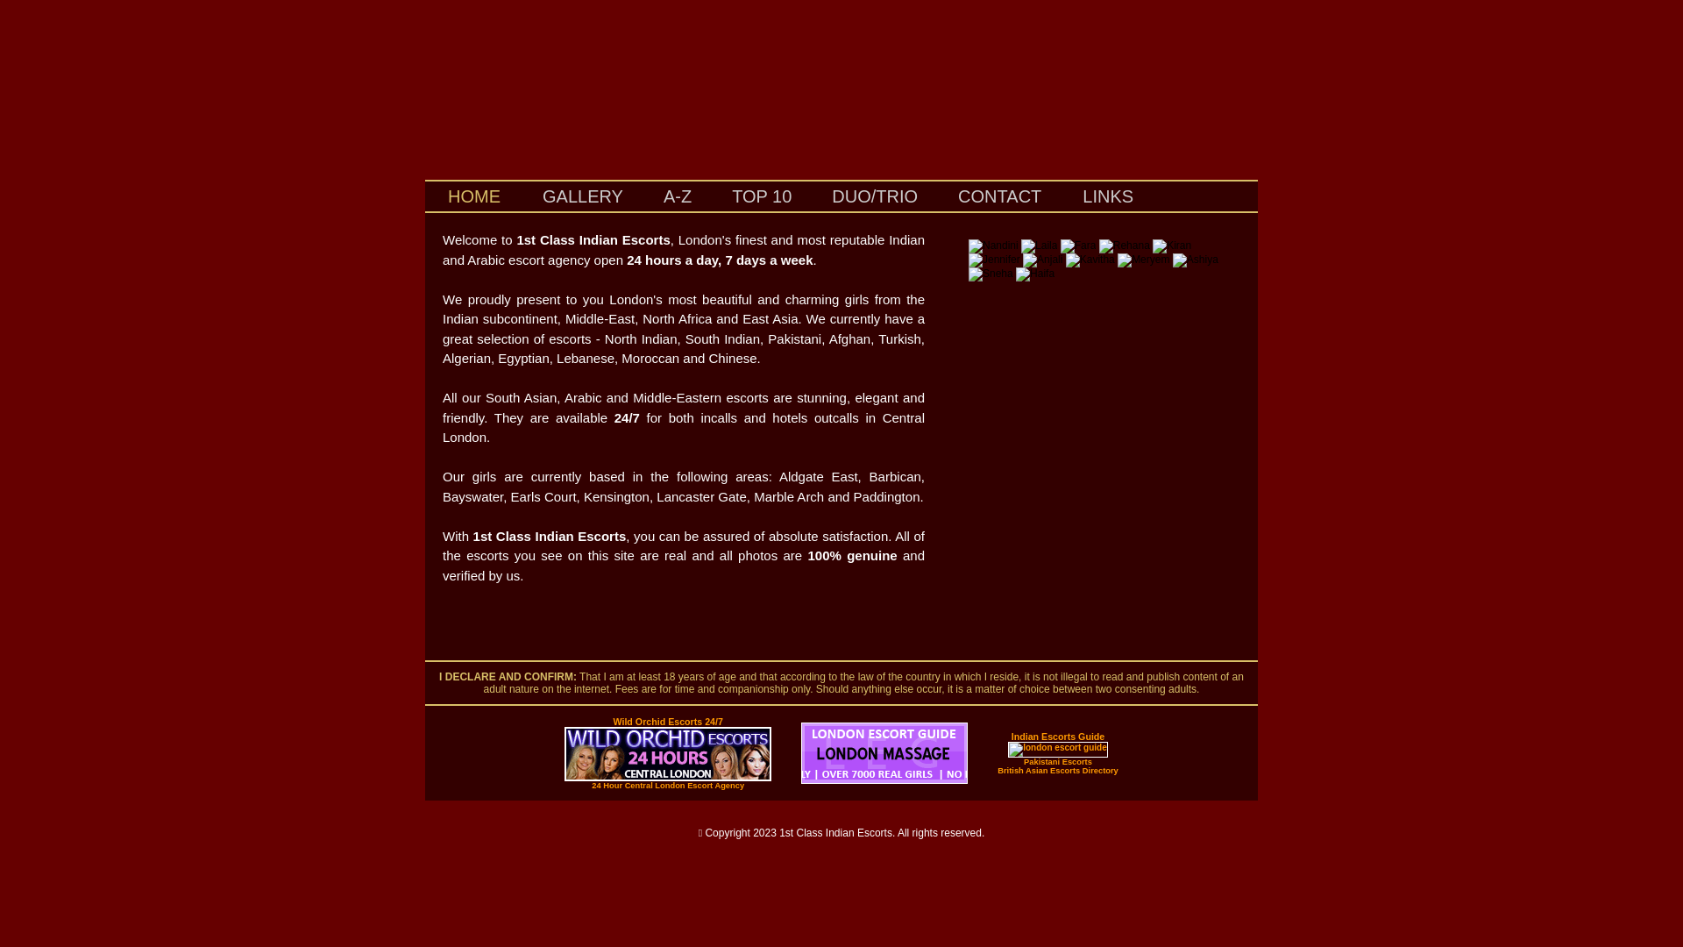  I want to click on 'Wild Orchid Escorts 24/7', so click(666, 722).